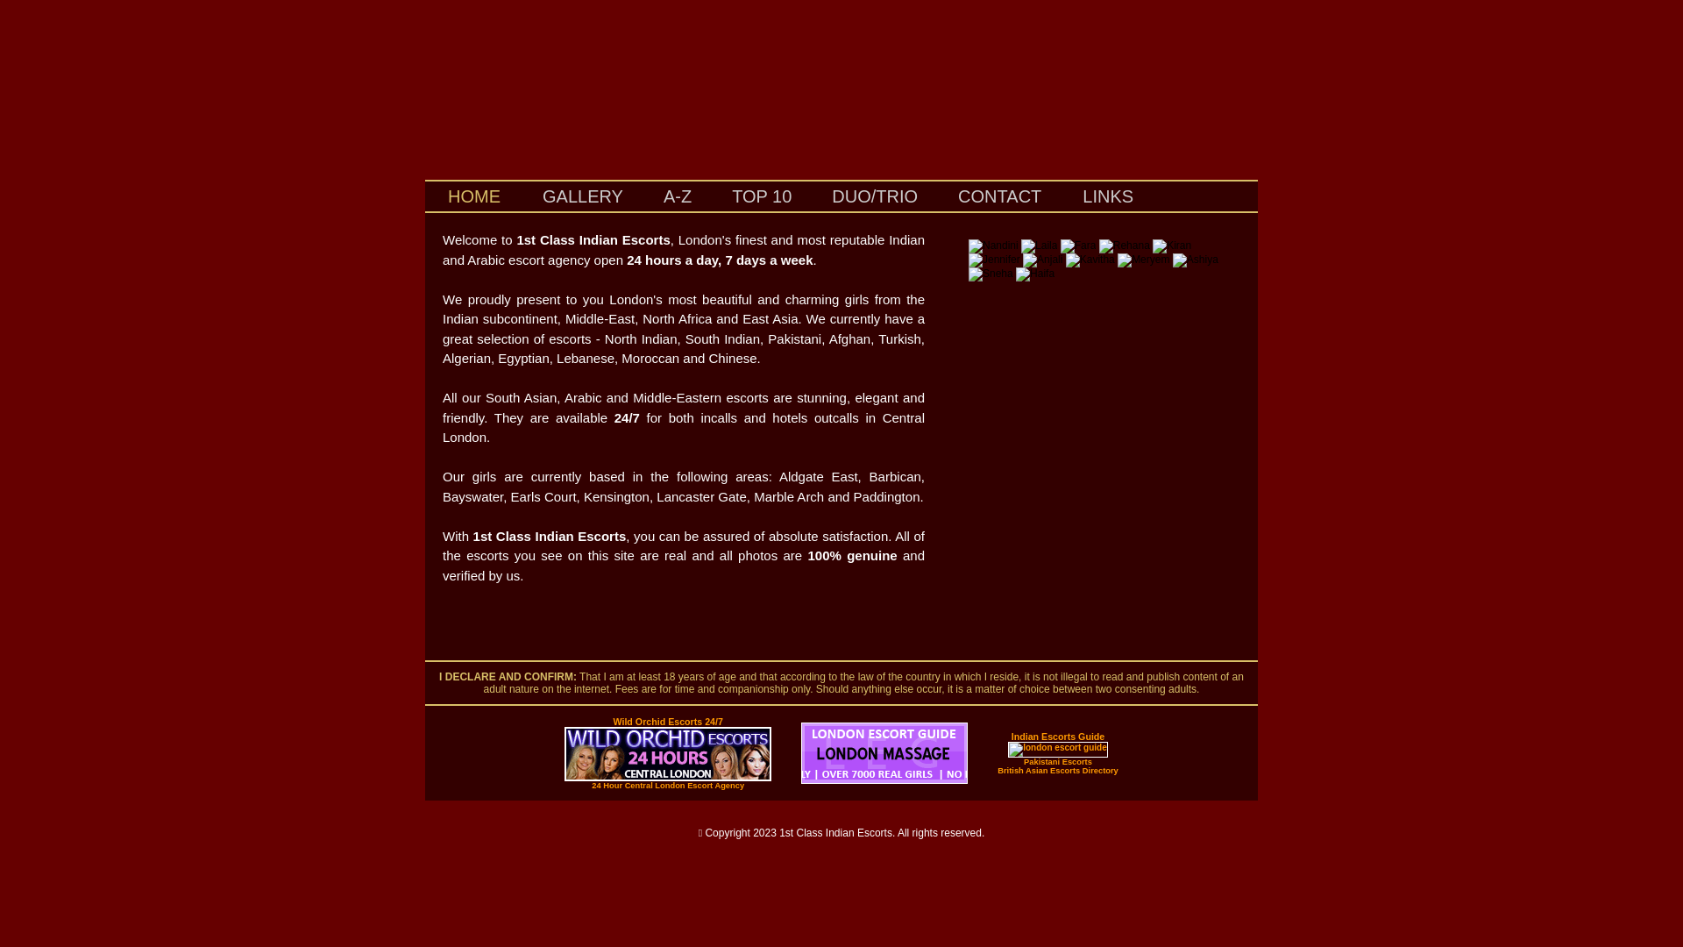  I want to click on 'Wild Orchid Escorts 24/7', so click(666, 722).